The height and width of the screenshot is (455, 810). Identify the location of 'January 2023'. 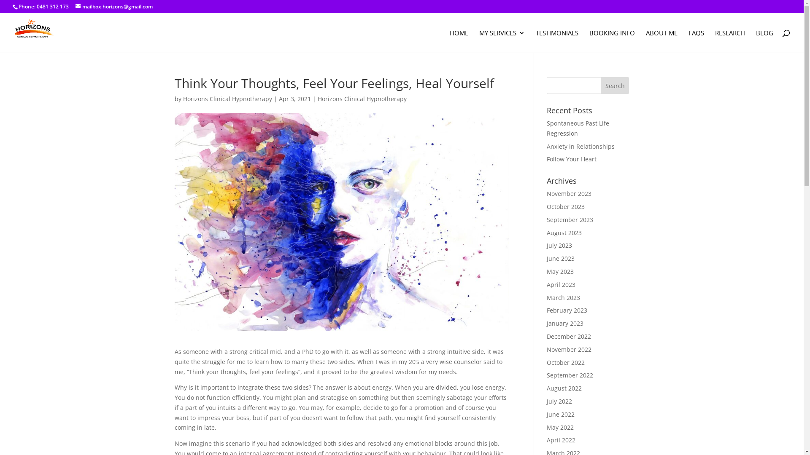
(565, 323).